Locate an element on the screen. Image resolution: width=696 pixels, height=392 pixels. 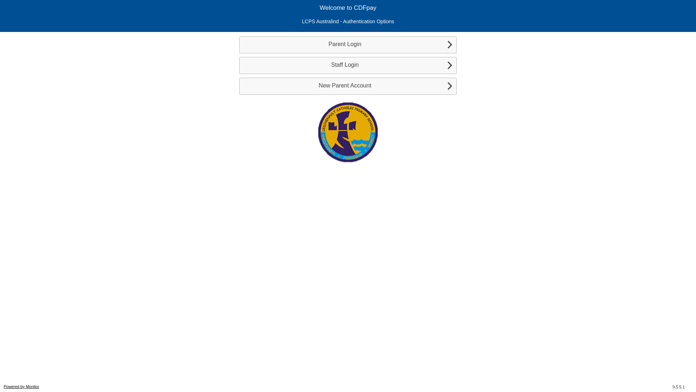
'Powered by Monitor' is located at coordinates (21, 386).